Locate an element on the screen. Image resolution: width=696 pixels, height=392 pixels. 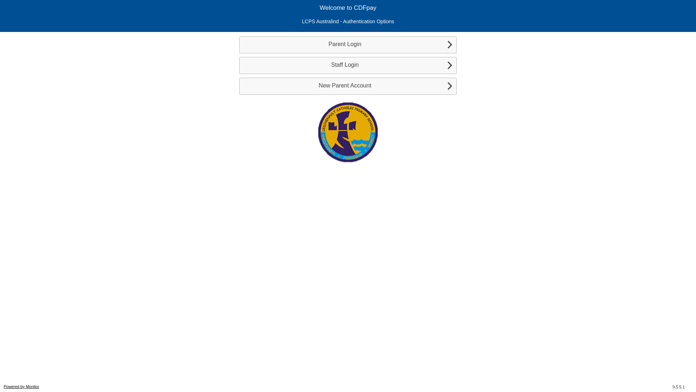
'Powered by Monitor' is located at coordinates (21, 386).